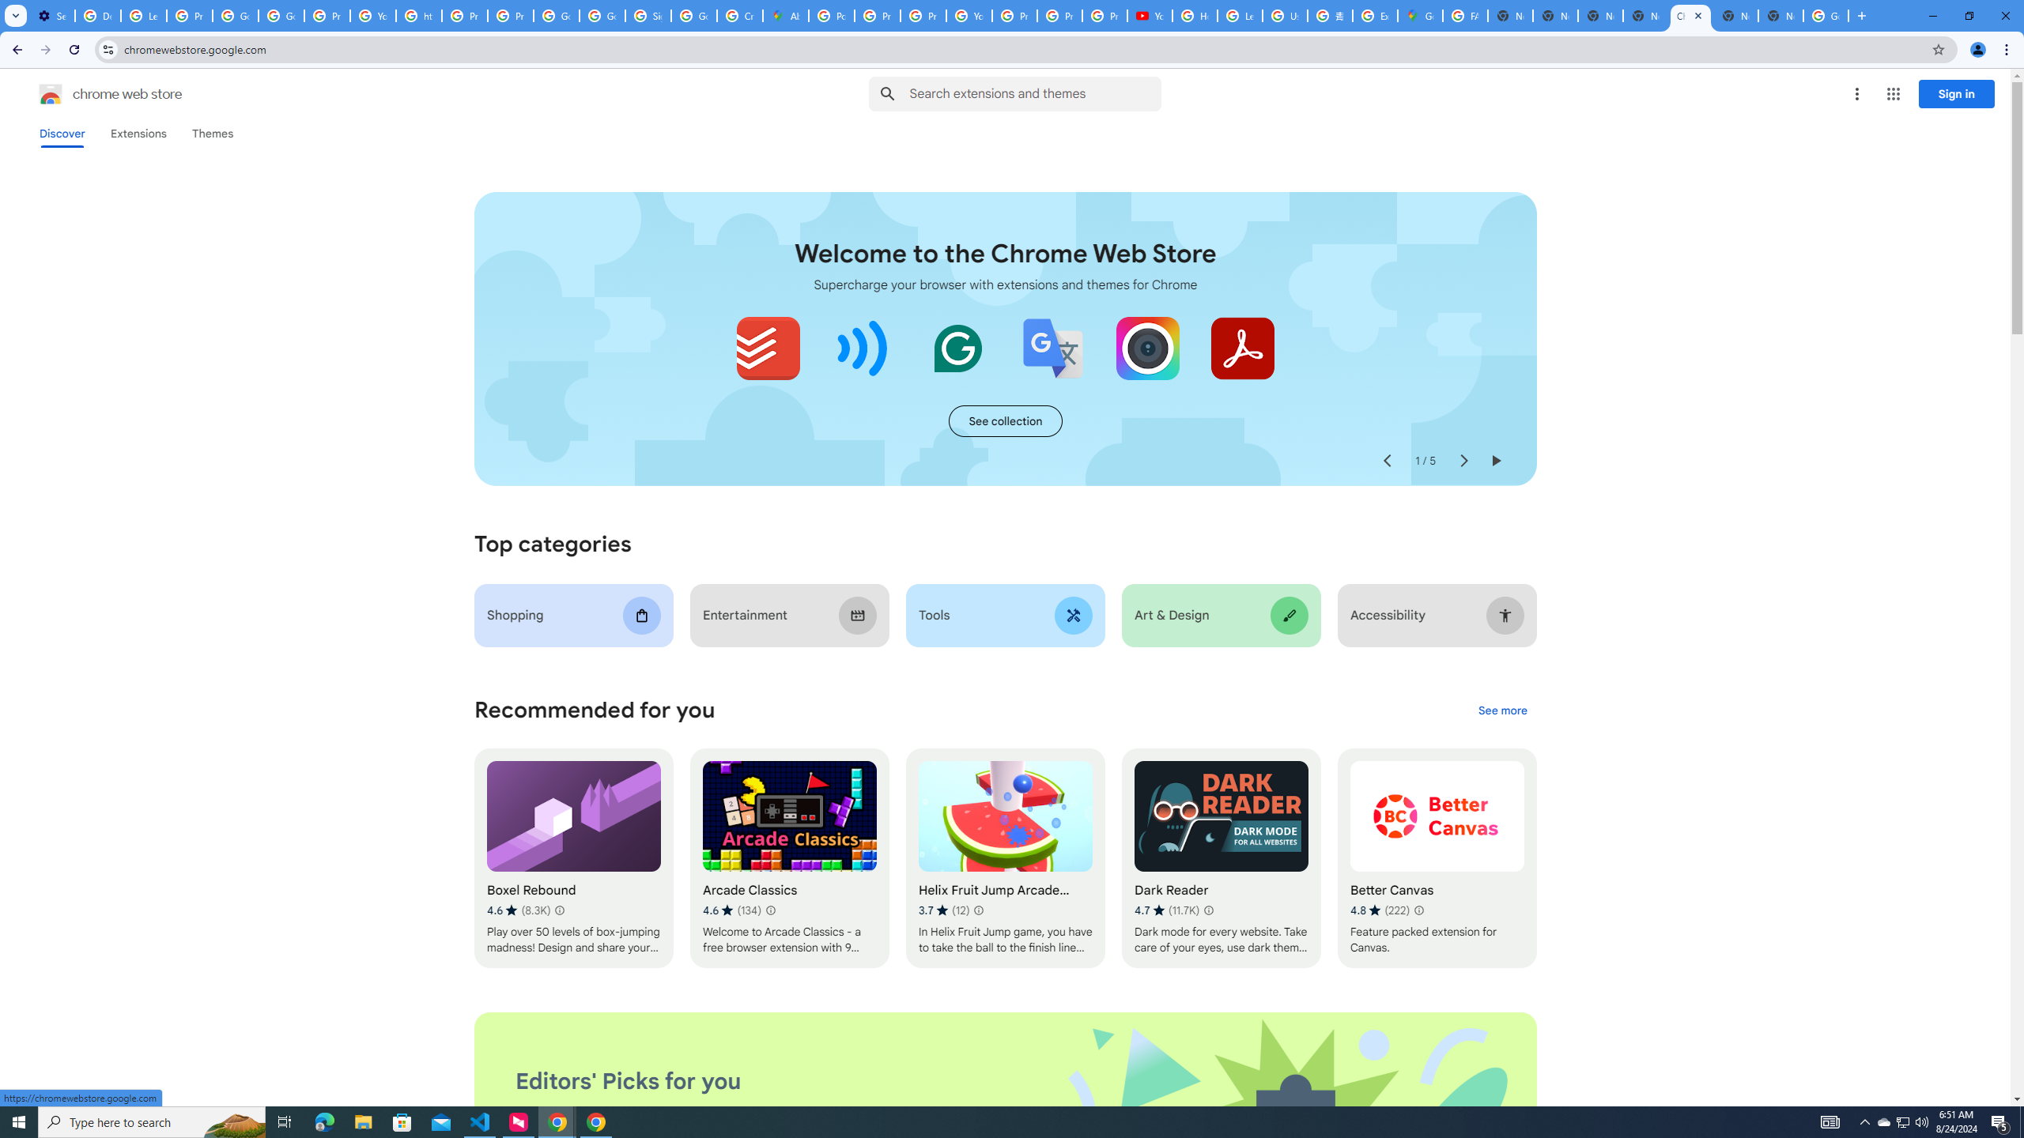 The width and height of the screenshot is (2024, 1138). Describe the element at coordinates (944, 910) in the screenshot. I see `'Average rating 3.7 out of 5 stars. 12 ratings.'` at that location.